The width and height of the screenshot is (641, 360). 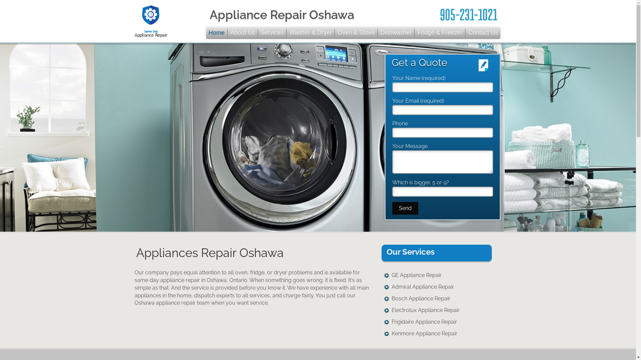 I want to click on 'Home', so click(x=217, y=33).